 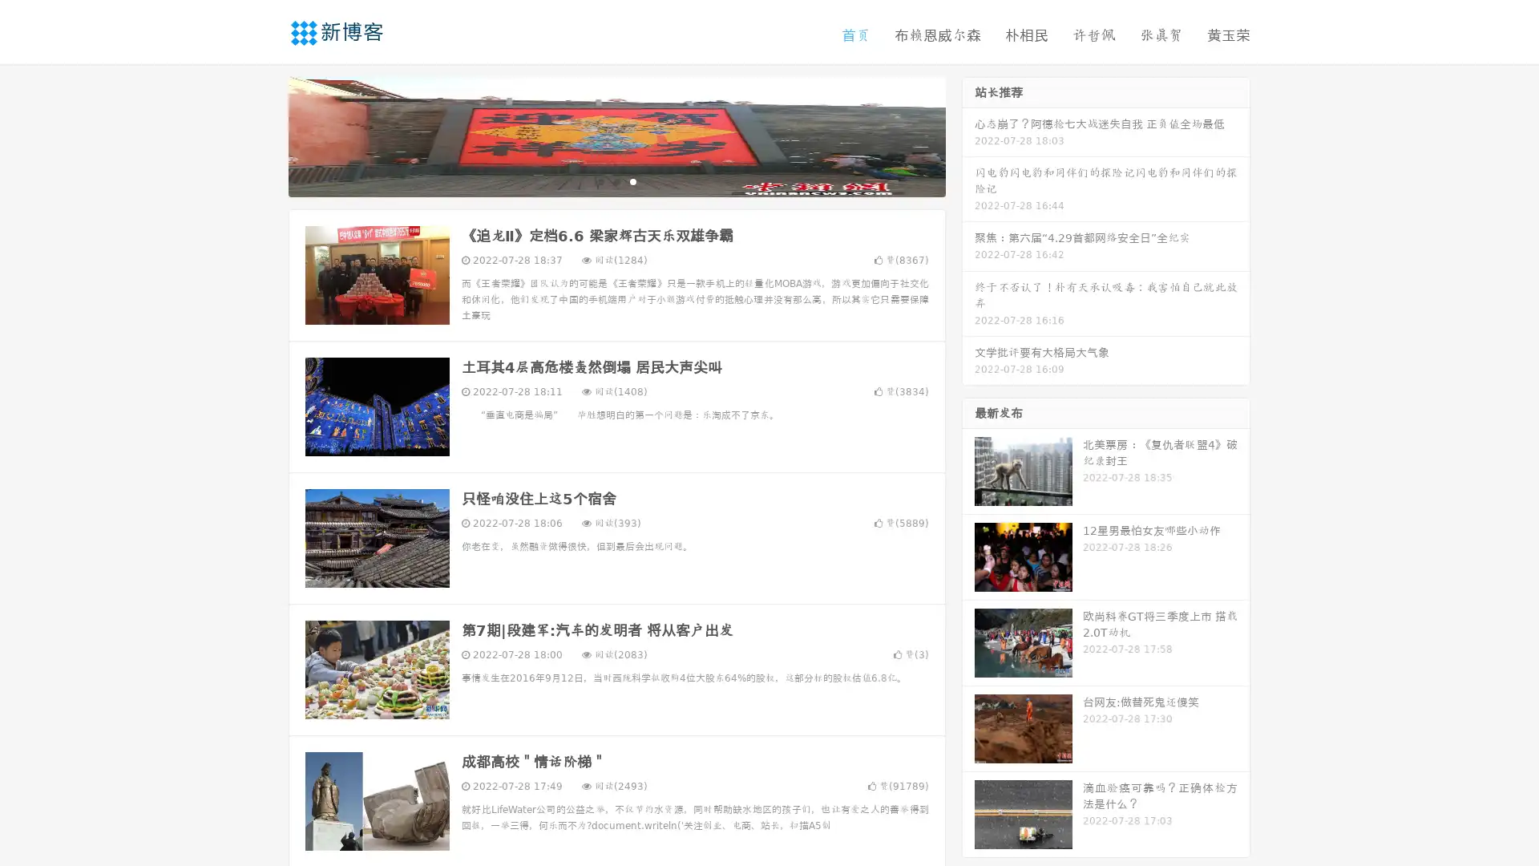 I want to click on Go to slide 3, so click(x=632, y=180).